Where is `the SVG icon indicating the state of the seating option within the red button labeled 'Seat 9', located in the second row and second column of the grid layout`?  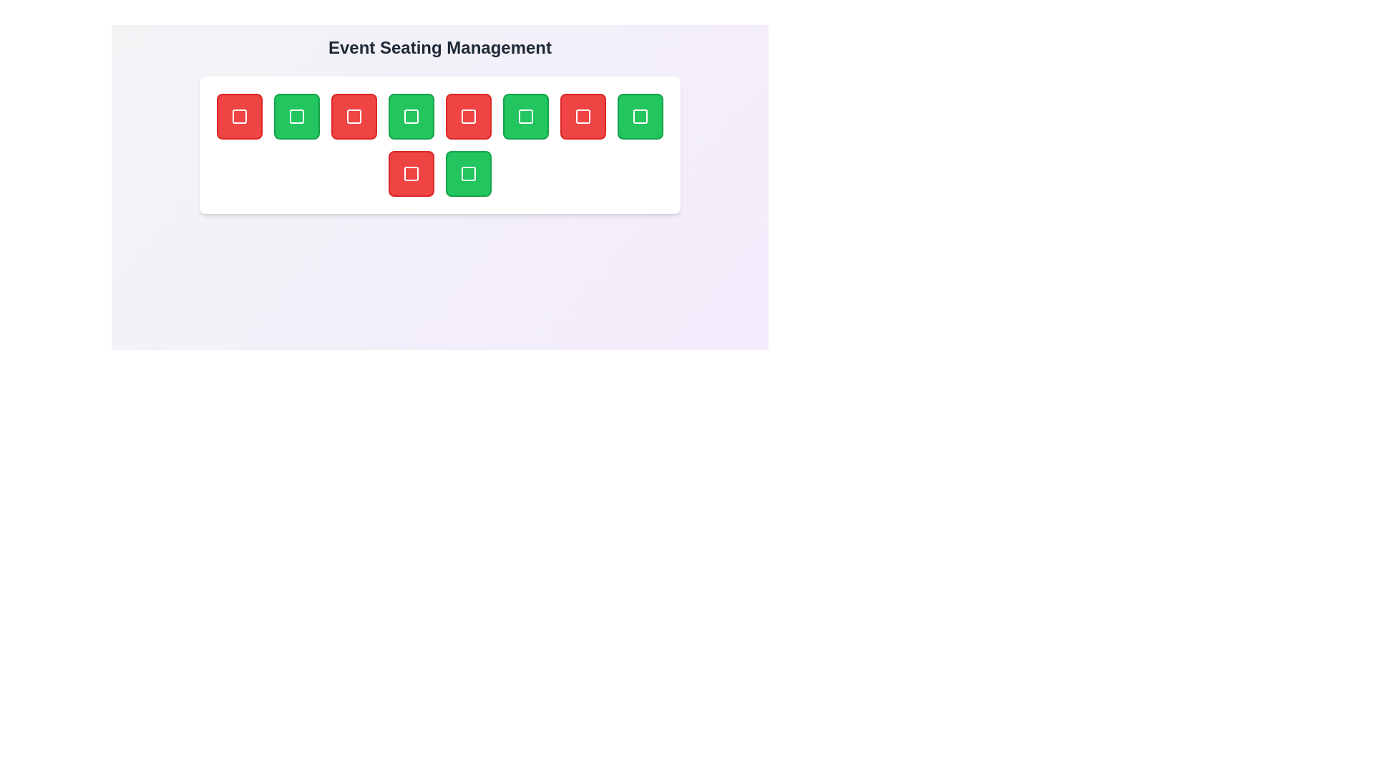
the SVG icon indicating the state of the seating option within the red button labeled 'Seat 9', located in the second row and second column of the grid layout is located at coordinates (411, 173).